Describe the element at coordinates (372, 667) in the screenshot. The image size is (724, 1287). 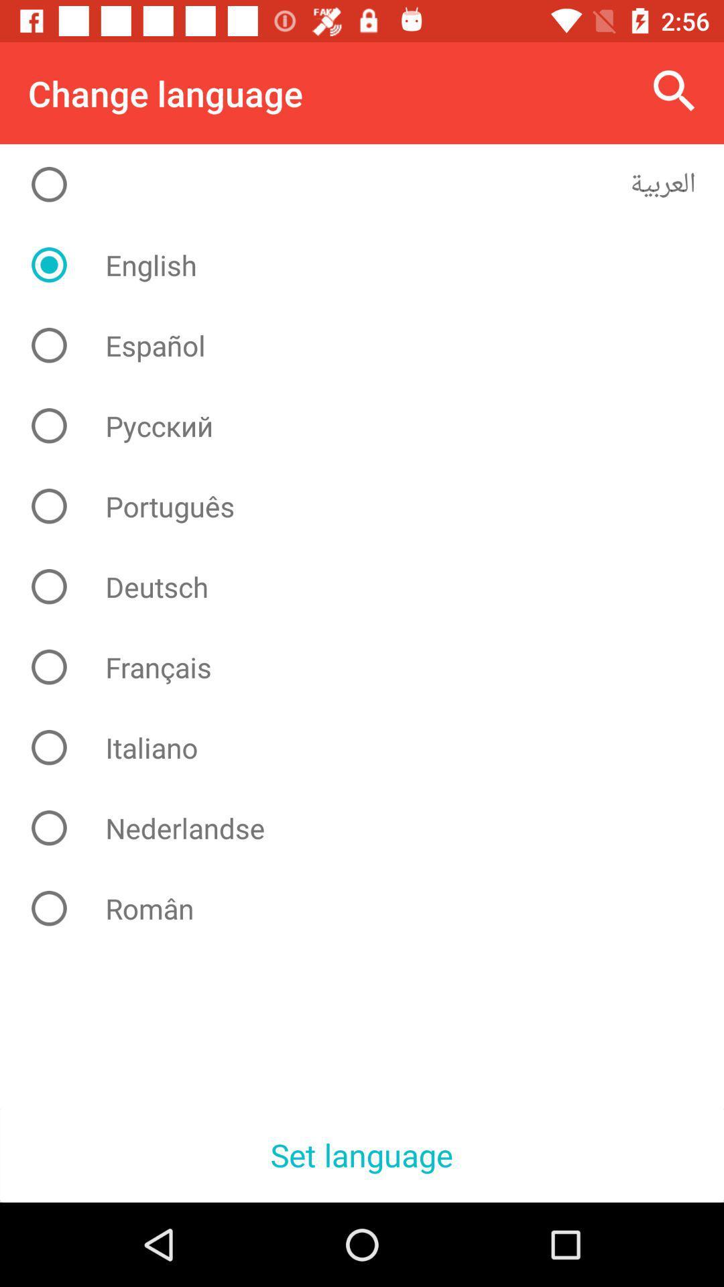
I see `the item below deutsch` at that location.